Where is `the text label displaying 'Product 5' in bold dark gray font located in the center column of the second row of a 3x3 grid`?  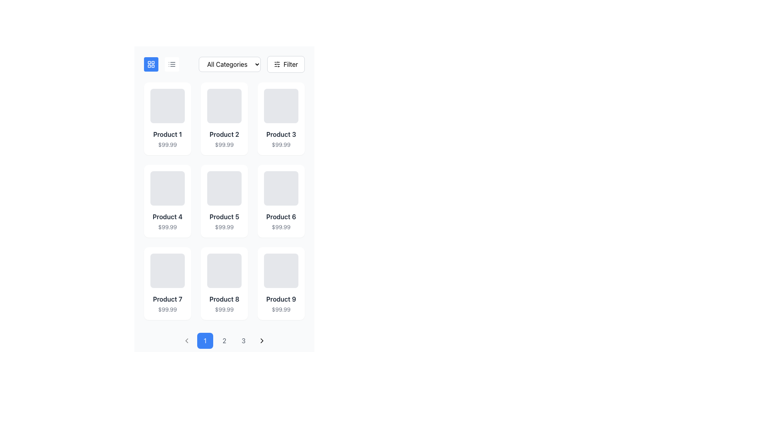 the text label displaying 'Product 5' in bold dark gray font located in the center column of the second row of a 3x3 grid is located at coordinates (224, 217).